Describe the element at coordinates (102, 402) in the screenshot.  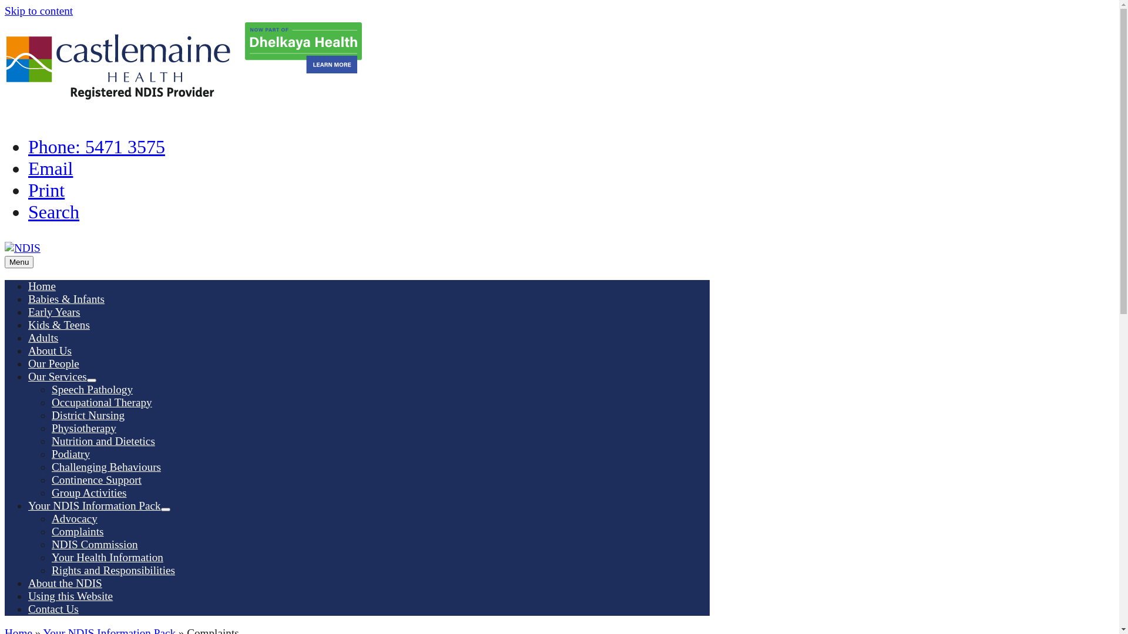
I see `'Occupational Therapy'` at that location.